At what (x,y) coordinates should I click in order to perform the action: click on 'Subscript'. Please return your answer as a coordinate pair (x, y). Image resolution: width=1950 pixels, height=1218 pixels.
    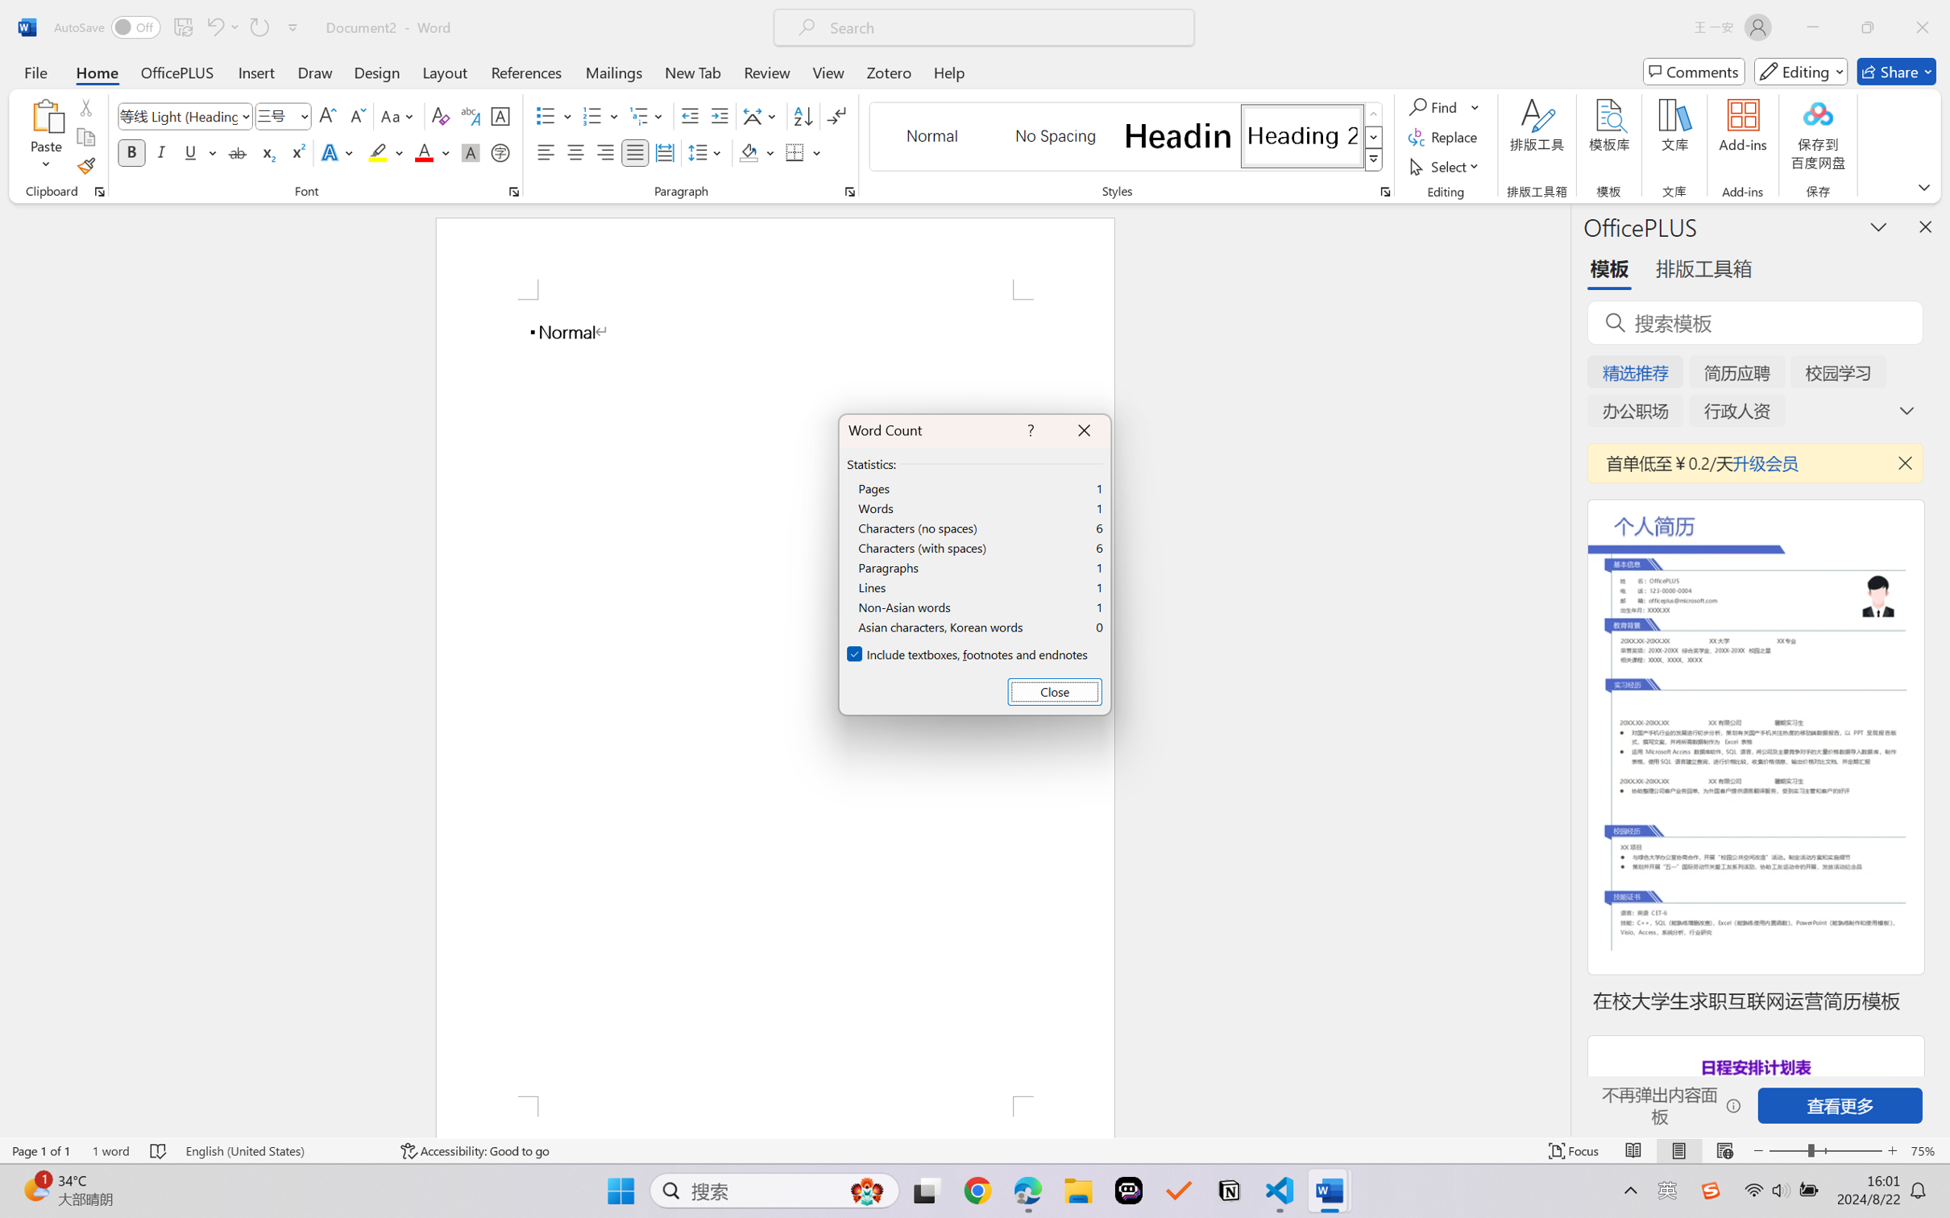
    Looking at the image, I should click on (266, 151).